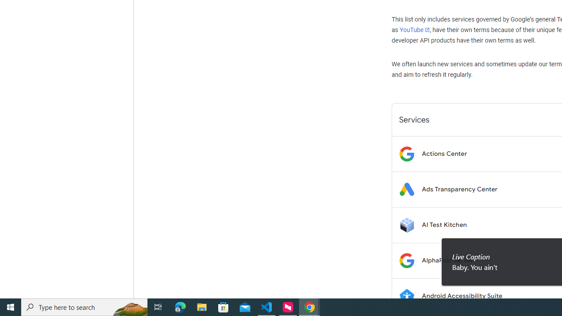 This screenshot has height=316, width=562. I want to click on 'Logo for Ads Transparency Center', so click(406, 189).